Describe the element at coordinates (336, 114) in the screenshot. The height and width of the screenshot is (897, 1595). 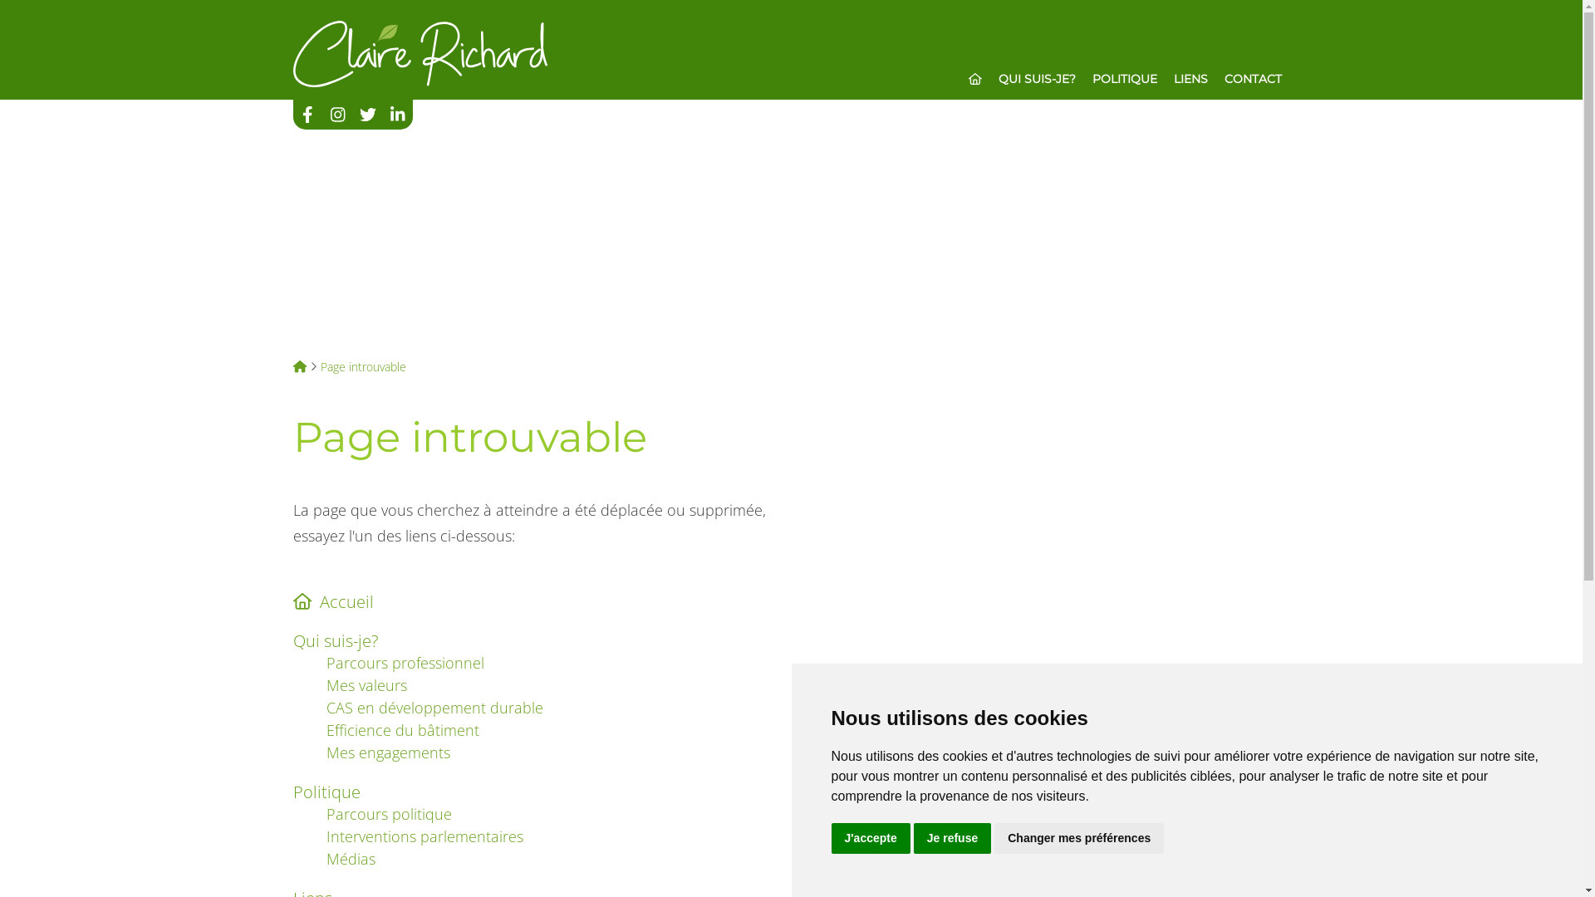
I see `'Nous suivre sur Instagram'` at that location.